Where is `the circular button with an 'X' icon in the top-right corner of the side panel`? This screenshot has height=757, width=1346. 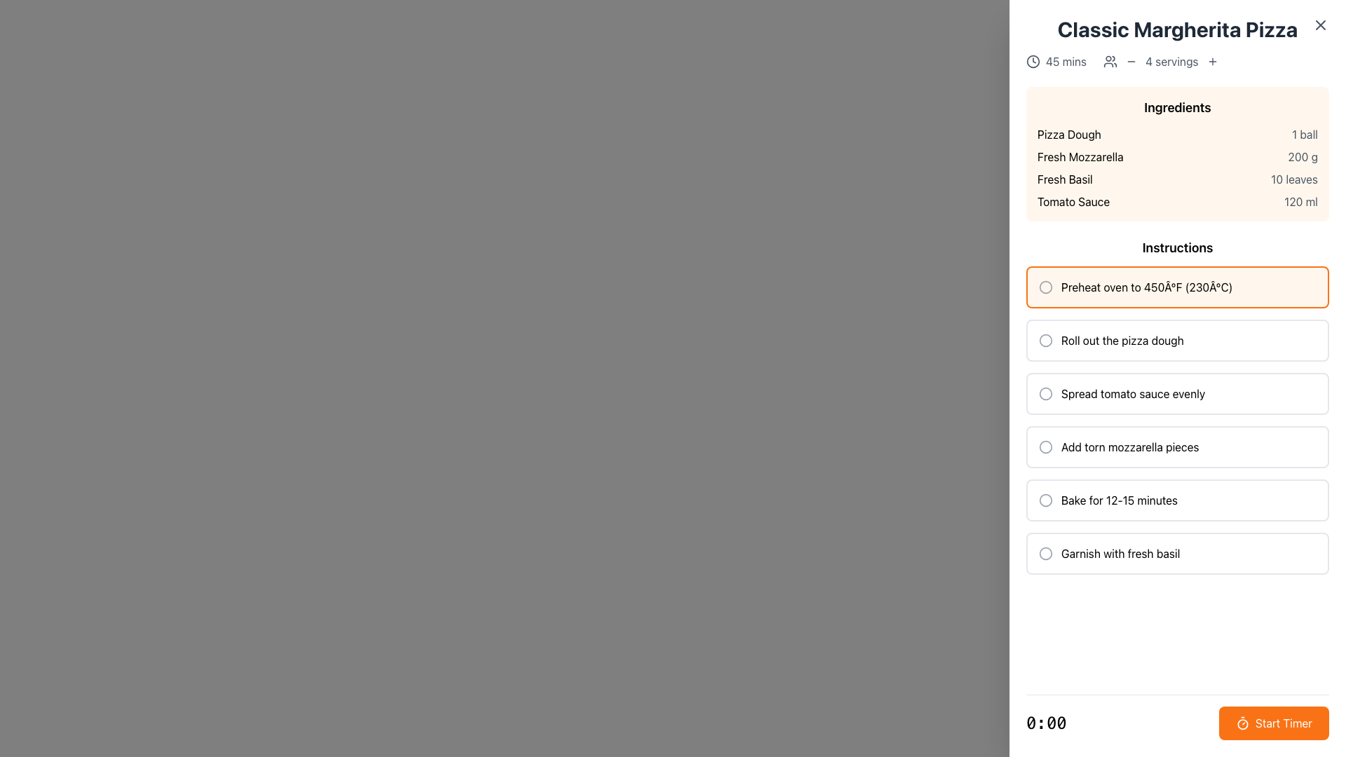
the circular button with an 'X' icon in the top-right corner of the side panel is located at coordinates (1319, 25).